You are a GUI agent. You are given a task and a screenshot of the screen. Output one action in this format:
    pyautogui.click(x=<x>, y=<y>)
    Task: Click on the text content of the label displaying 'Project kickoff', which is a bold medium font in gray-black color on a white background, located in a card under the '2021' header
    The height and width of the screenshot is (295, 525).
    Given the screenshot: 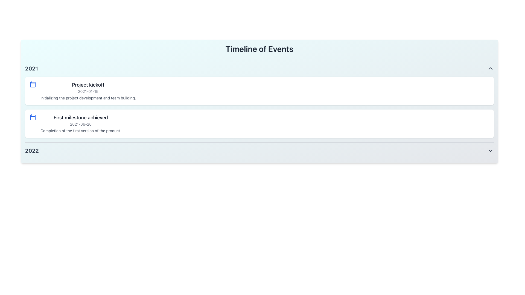 What is the action you would take?
    pyautogui.click(x=88, y=85)
    